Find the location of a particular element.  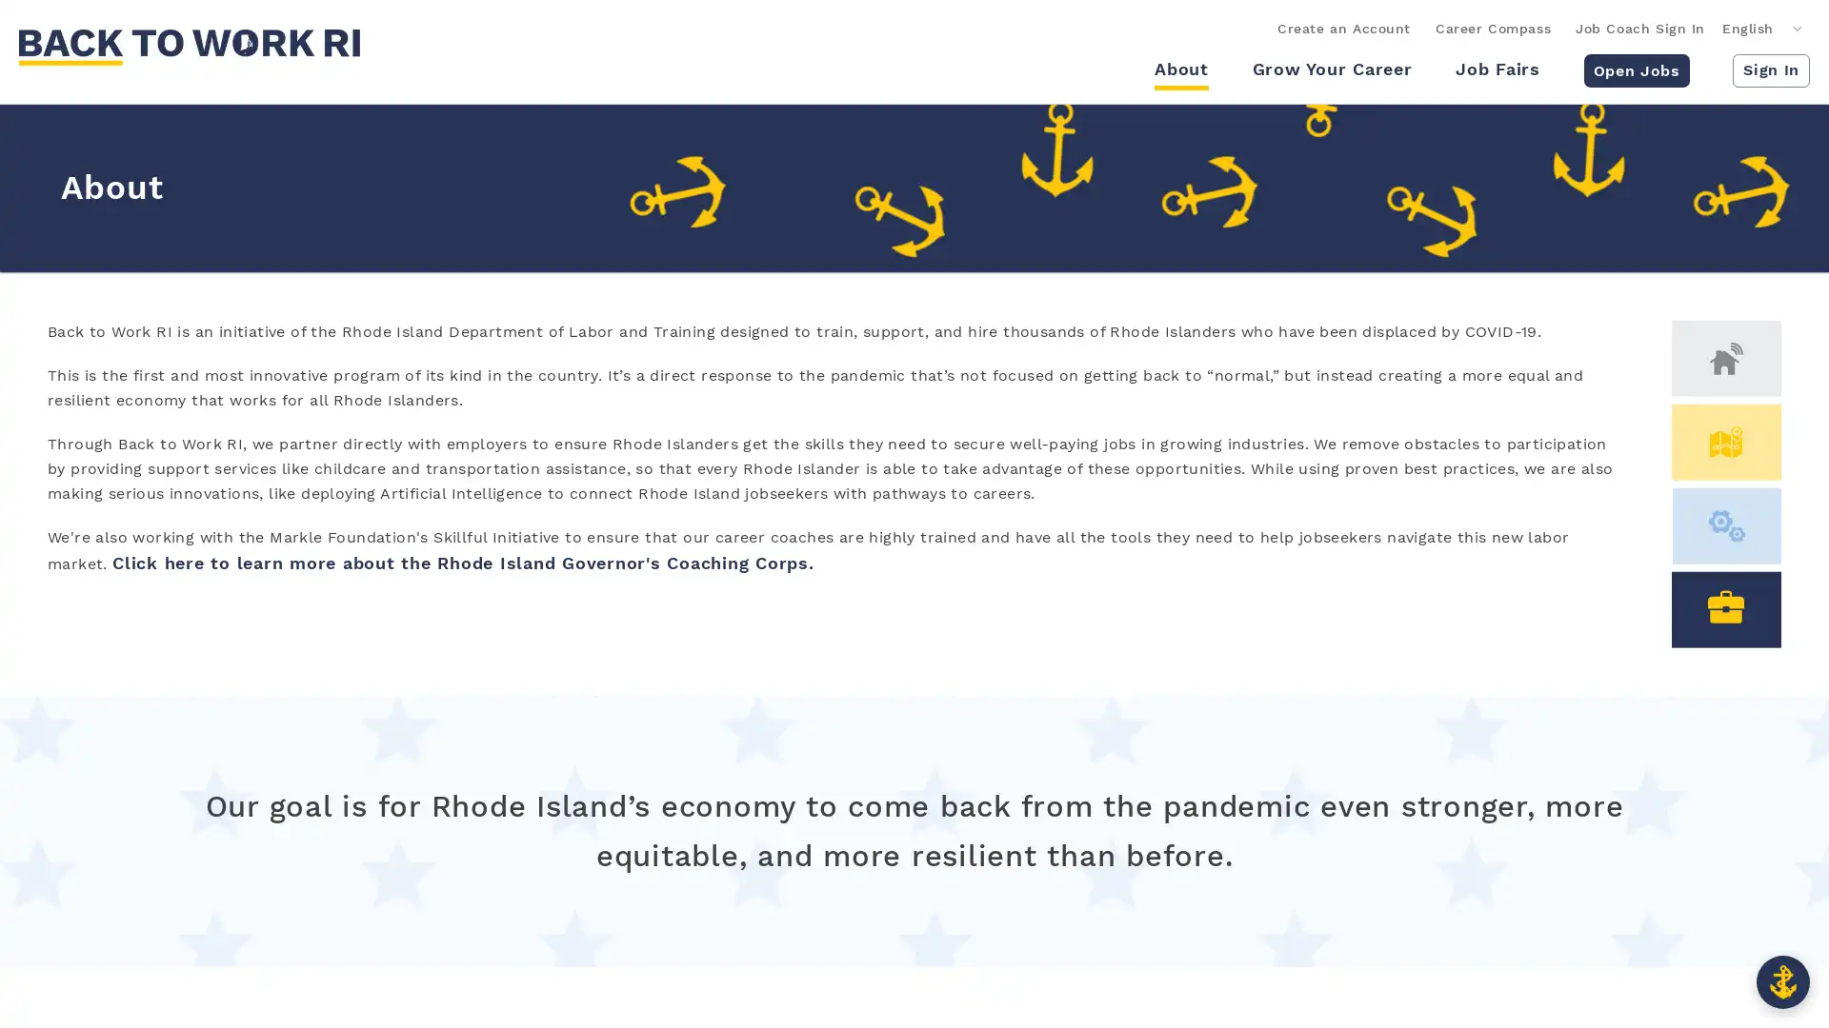

Sign In is located at coordinates (1770, 69).